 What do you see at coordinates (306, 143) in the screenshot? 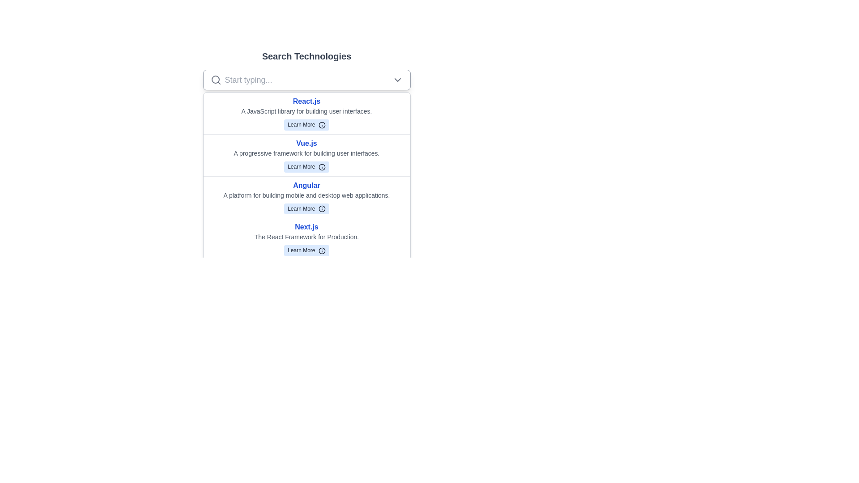
I see `the Static text element displaying 'Vue.js' in bold blue font, which serves as the title for a section in the interface` at bounding box center [306, 143].